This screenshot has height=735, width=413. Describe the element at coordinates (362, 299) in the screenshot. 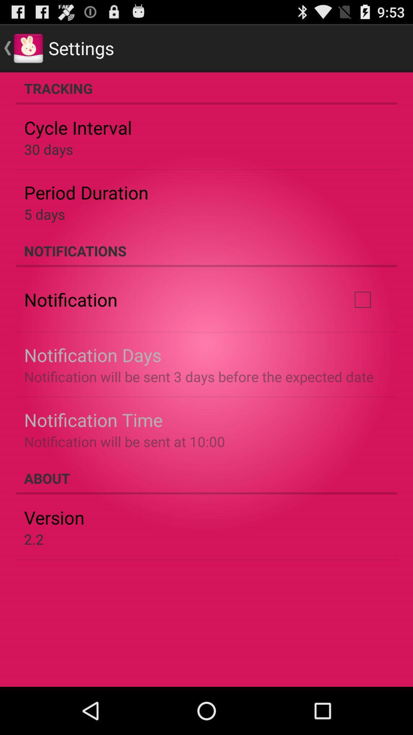

I see `the icon next to the notification item` at that location.